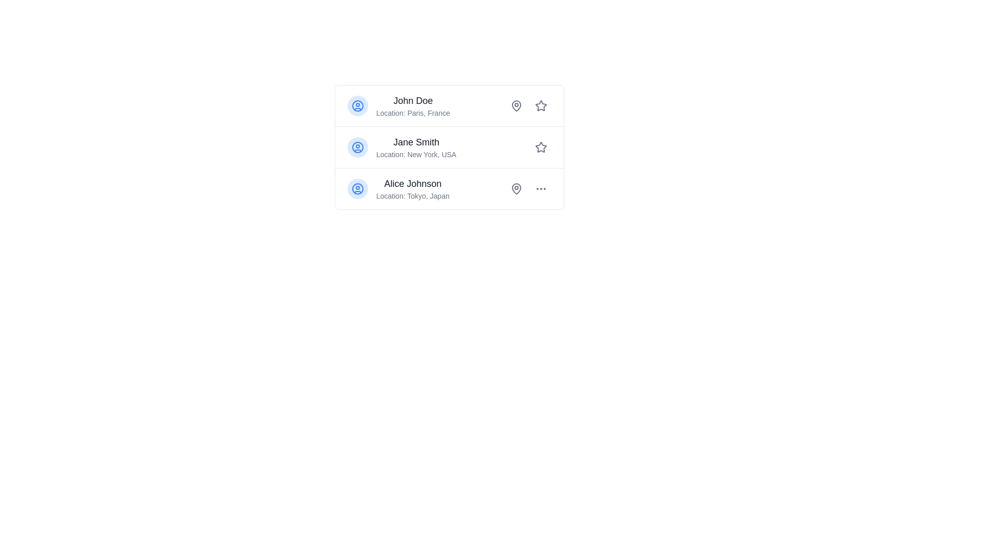 The width and height of the screenshot is (983, 553). I want to click on text content of the non-interactive Text label displaying location information for 'Jane Smith', positioned in the middle column directly under the profile name, so click(416, 154).